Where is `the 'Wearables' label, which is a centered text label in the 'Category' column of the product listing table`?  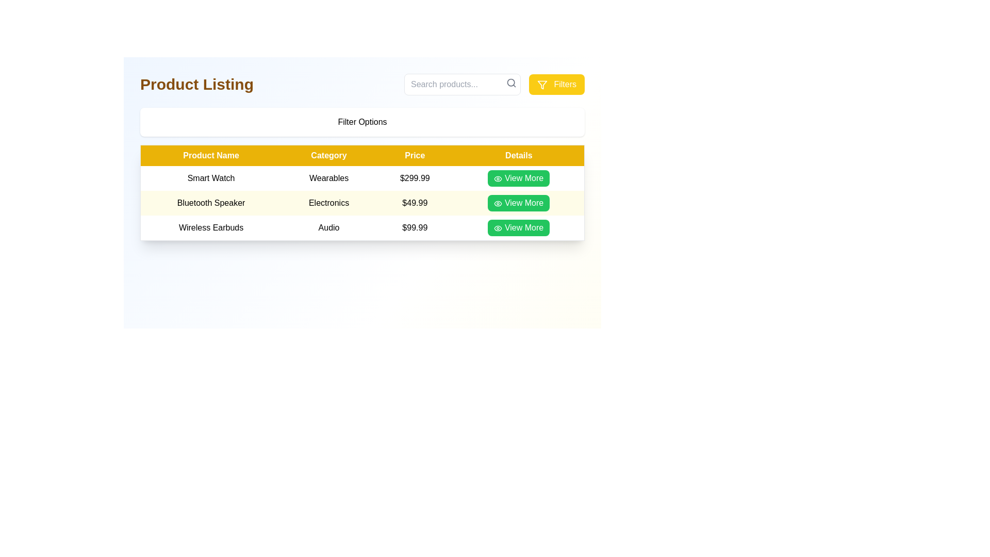 the 'Wearables' label, which is a centered text label in the 'Category' column of the product listing table is located at coordinates (328, 178).